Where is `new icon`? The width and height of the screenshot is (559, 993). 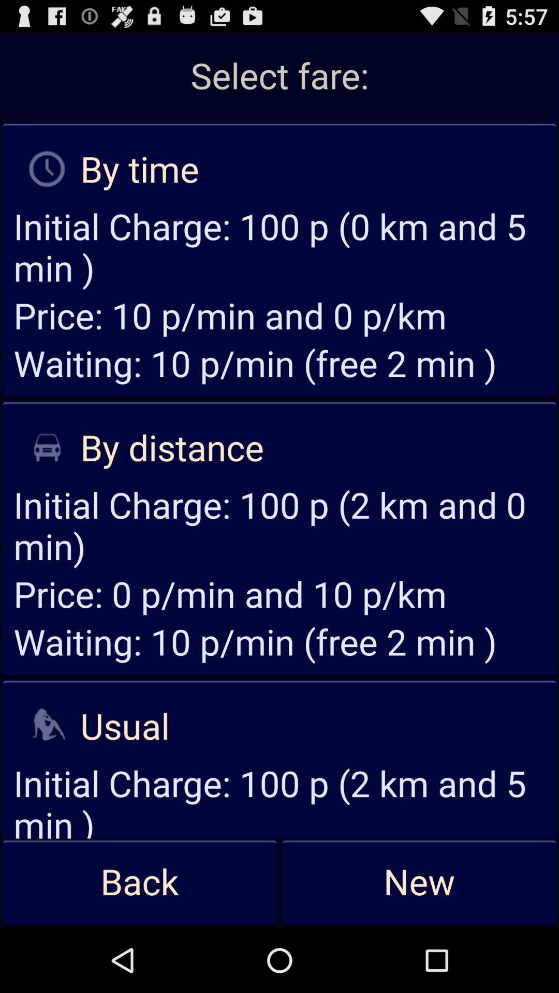 new icon is located at coordinates (419, 882).